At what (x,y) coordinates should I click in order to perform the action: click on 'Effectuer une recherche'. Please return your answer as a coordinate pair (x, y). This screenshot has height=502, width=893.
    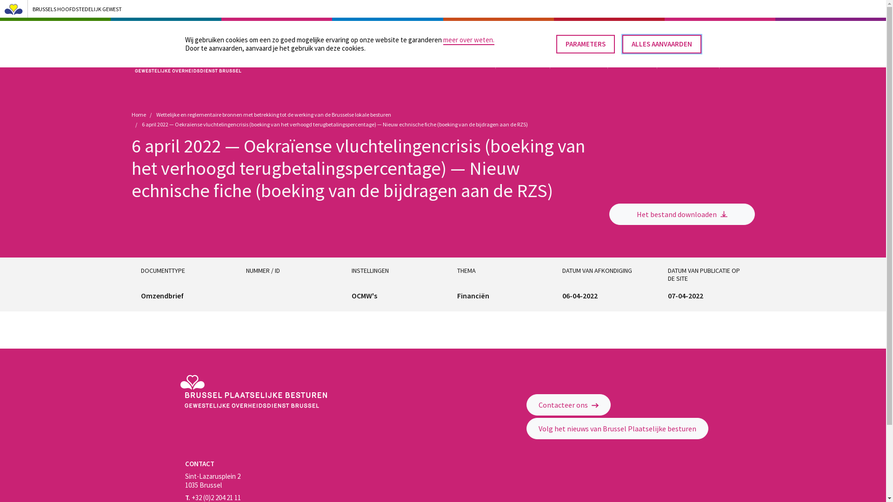
    Looking at the image, I should click on (739, 34).